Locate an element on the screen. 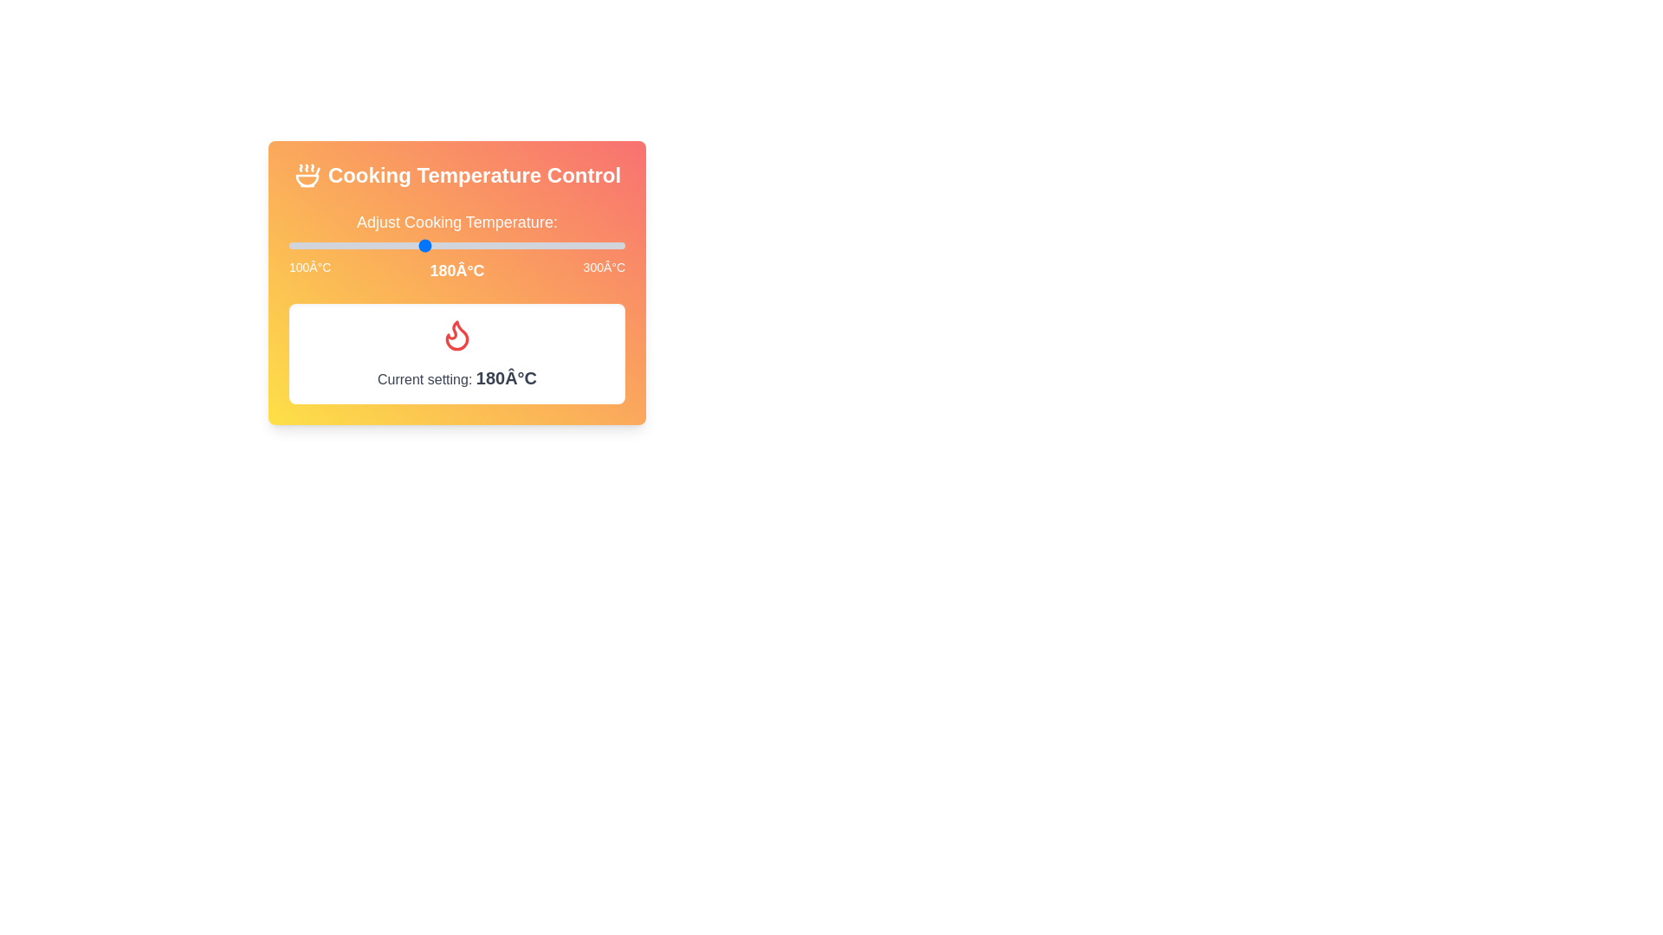 This screenshot has height=935, width=1663. the cooking temperature to 300°C by interacting with the slider is located at coordinates (624, 246).